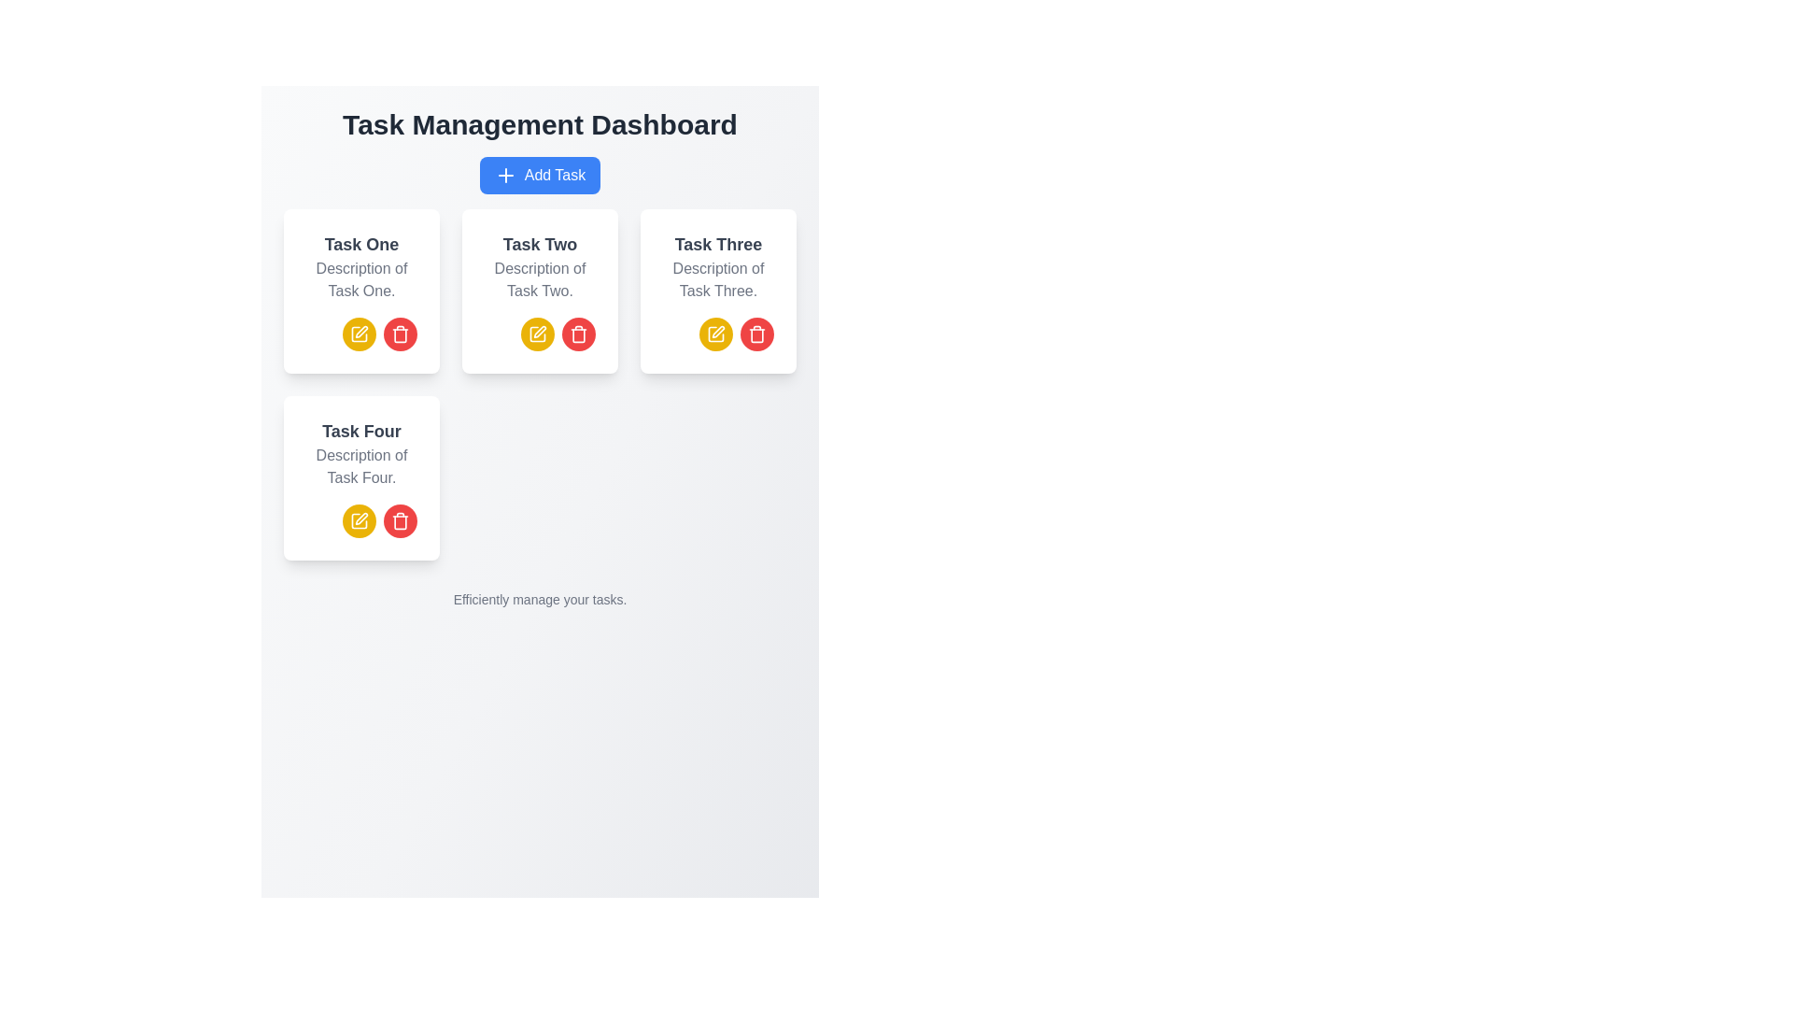 This screenshot has width=1793, height=1009. What do you see at coordinates (757, 334) in the screenshot?
I see `the trash can button located in the bottom right of the third task card` at bounding box center [757, 334].